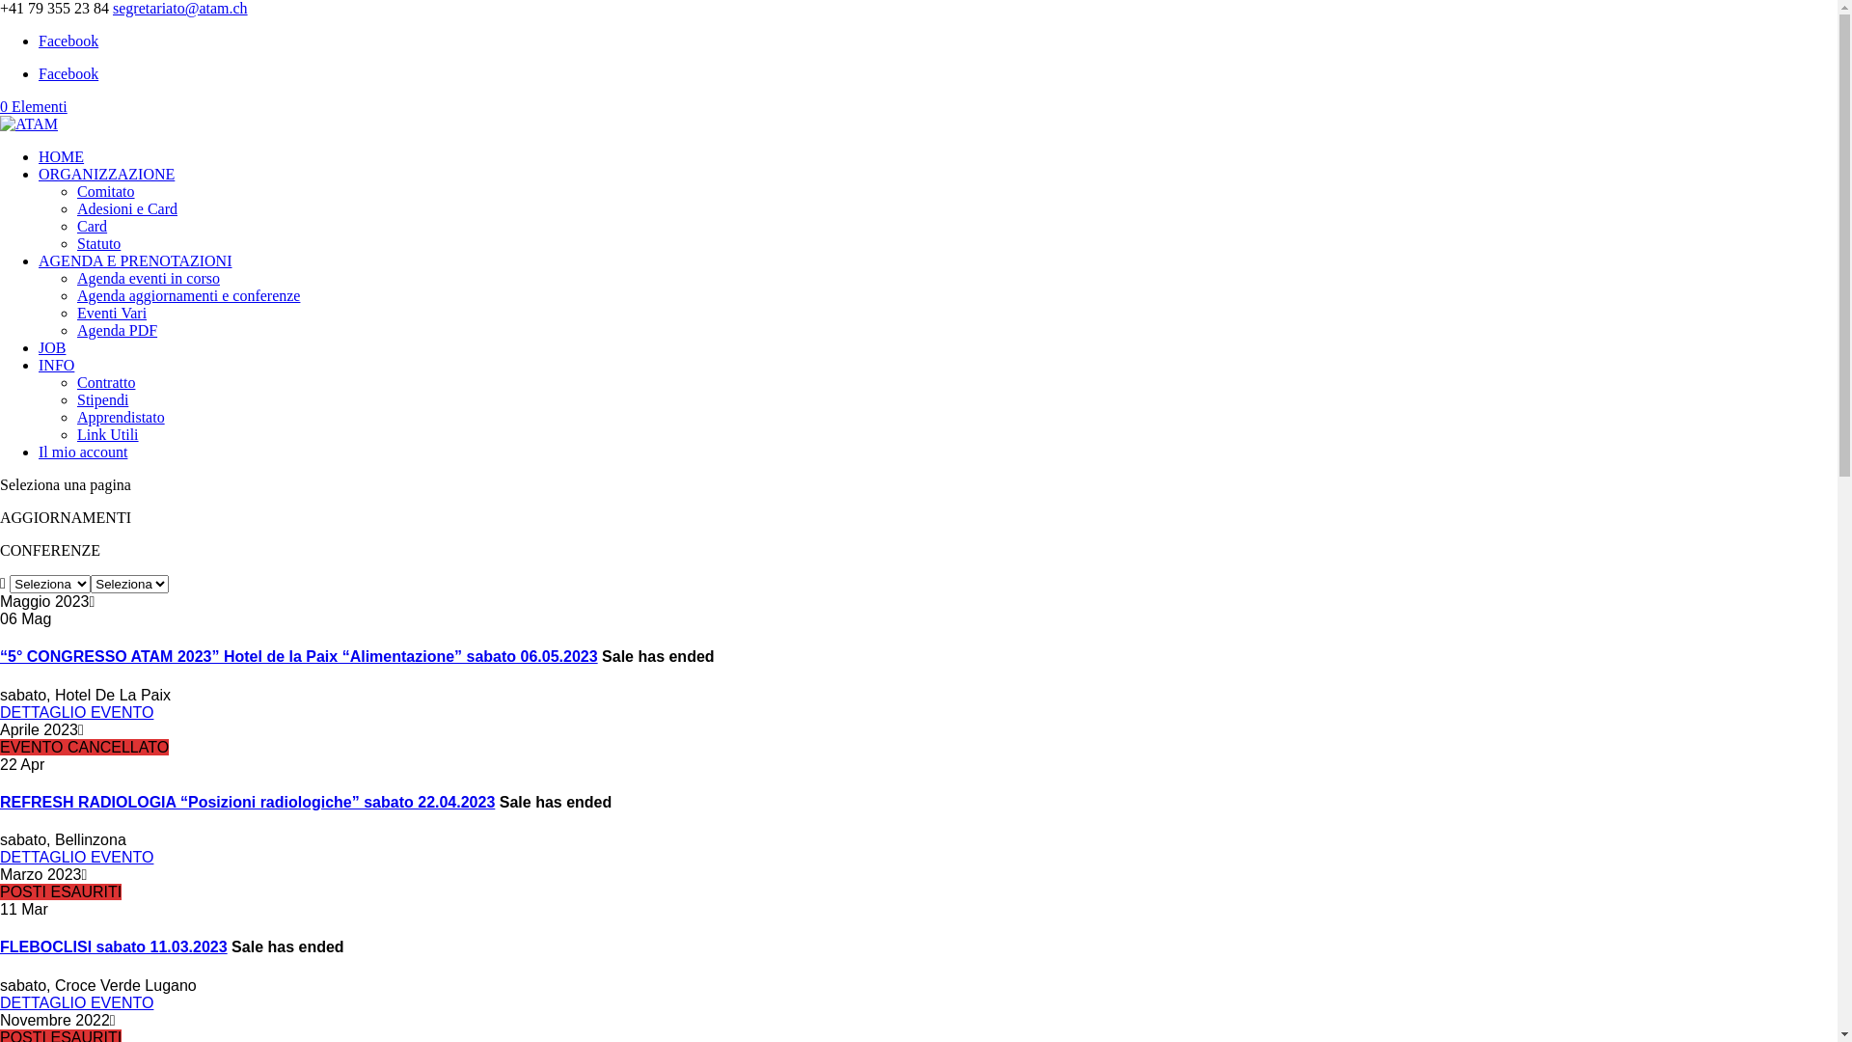  I want to click on 'Link Utili', so click(77, 434).